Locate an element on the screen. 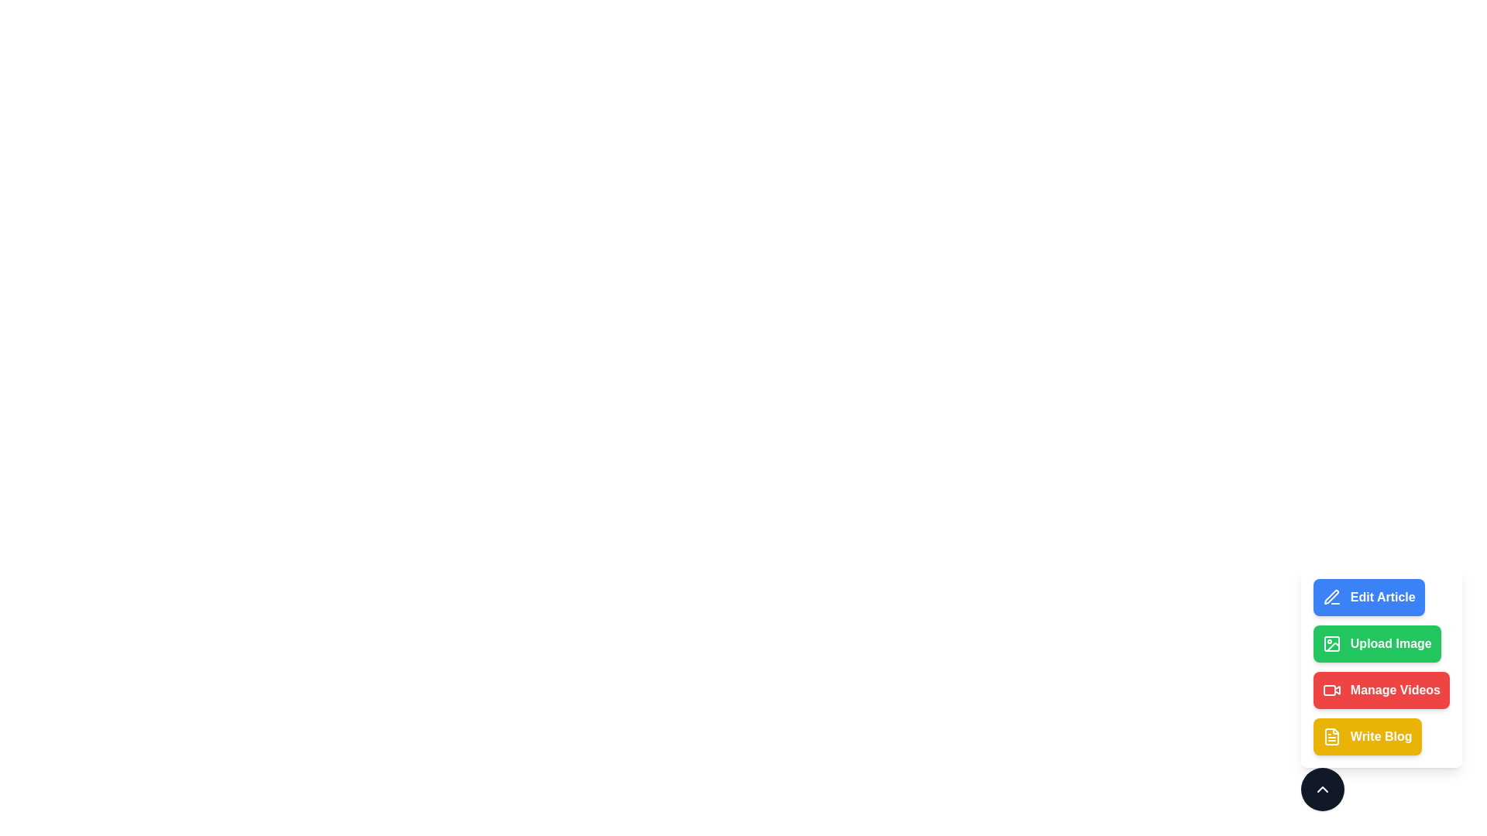  the action Manage Videos from the menu is located at coordinates (1381, 689).